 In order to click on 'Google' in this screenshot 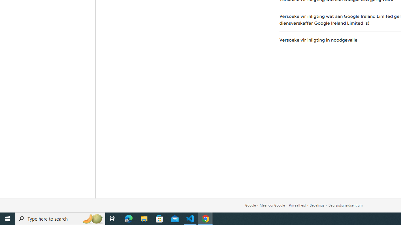, I will do `click(250, 205)`.